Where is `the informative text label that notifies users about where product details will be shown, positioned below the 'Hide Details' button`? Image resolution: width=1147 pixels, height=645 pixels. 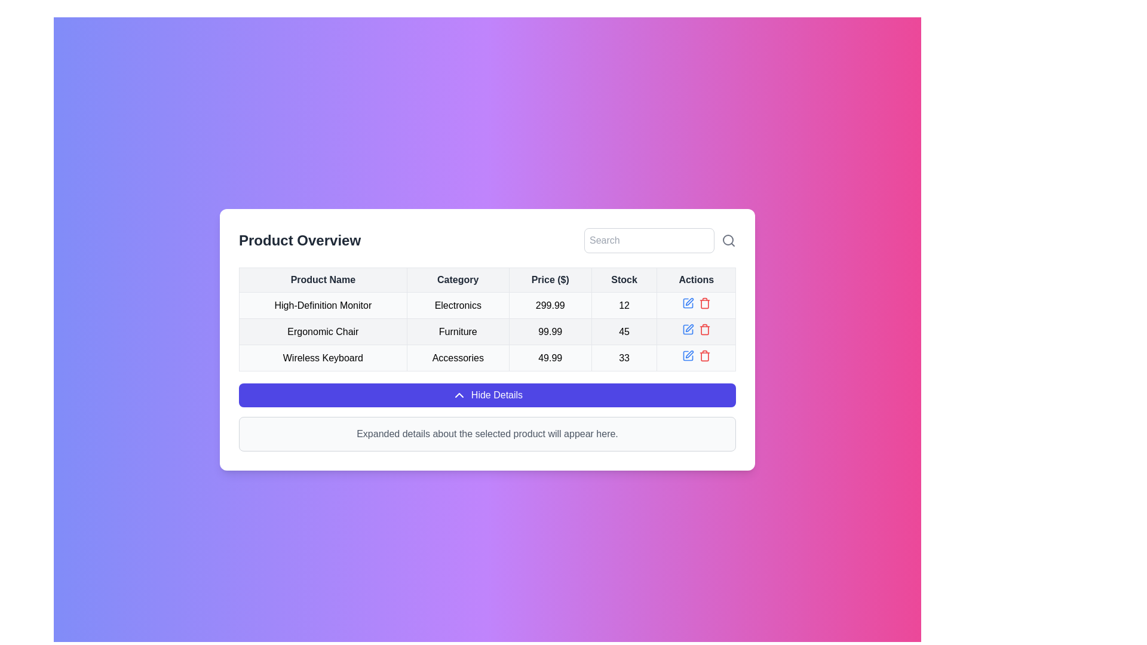 the informative text label that notifies users about where product details will be shown, positioned below the 'Hide Details' button is located at coordinates (487, 434).